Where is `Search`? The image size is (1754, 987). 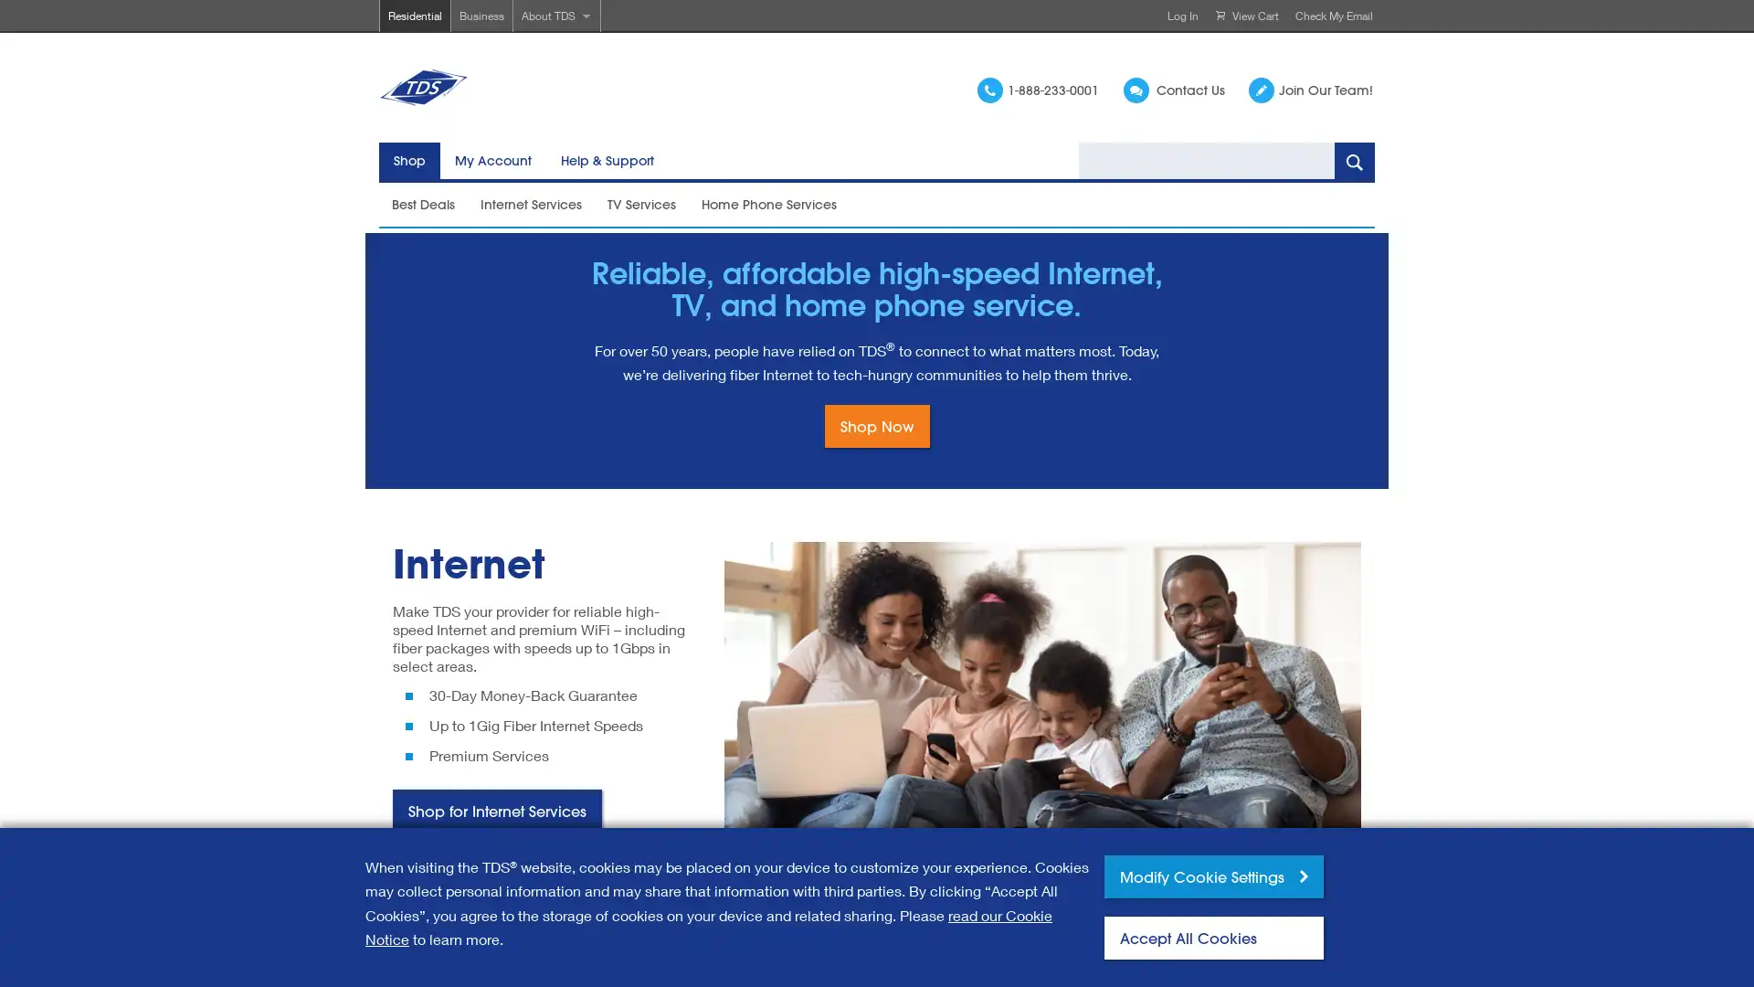
Search is located at coordinates (1355, 161).